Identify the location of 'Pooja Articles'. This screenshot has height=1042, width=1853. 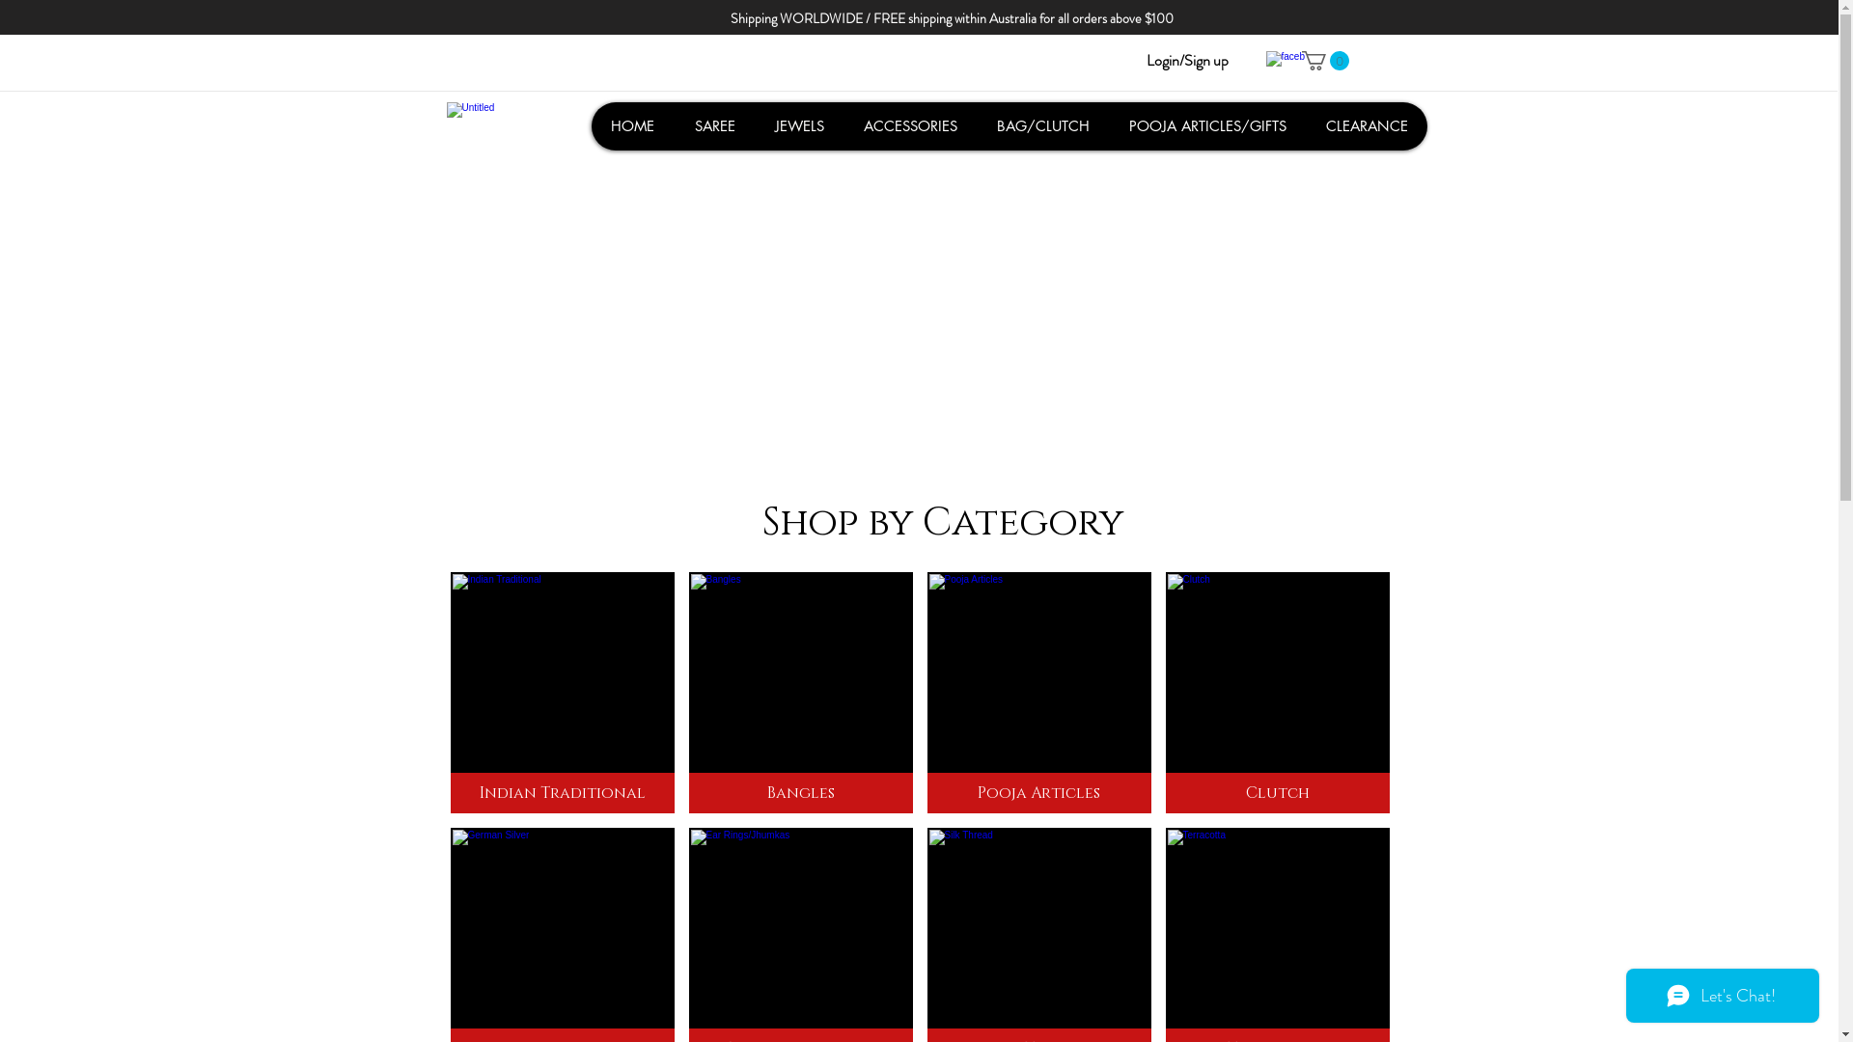
(1037, 691).